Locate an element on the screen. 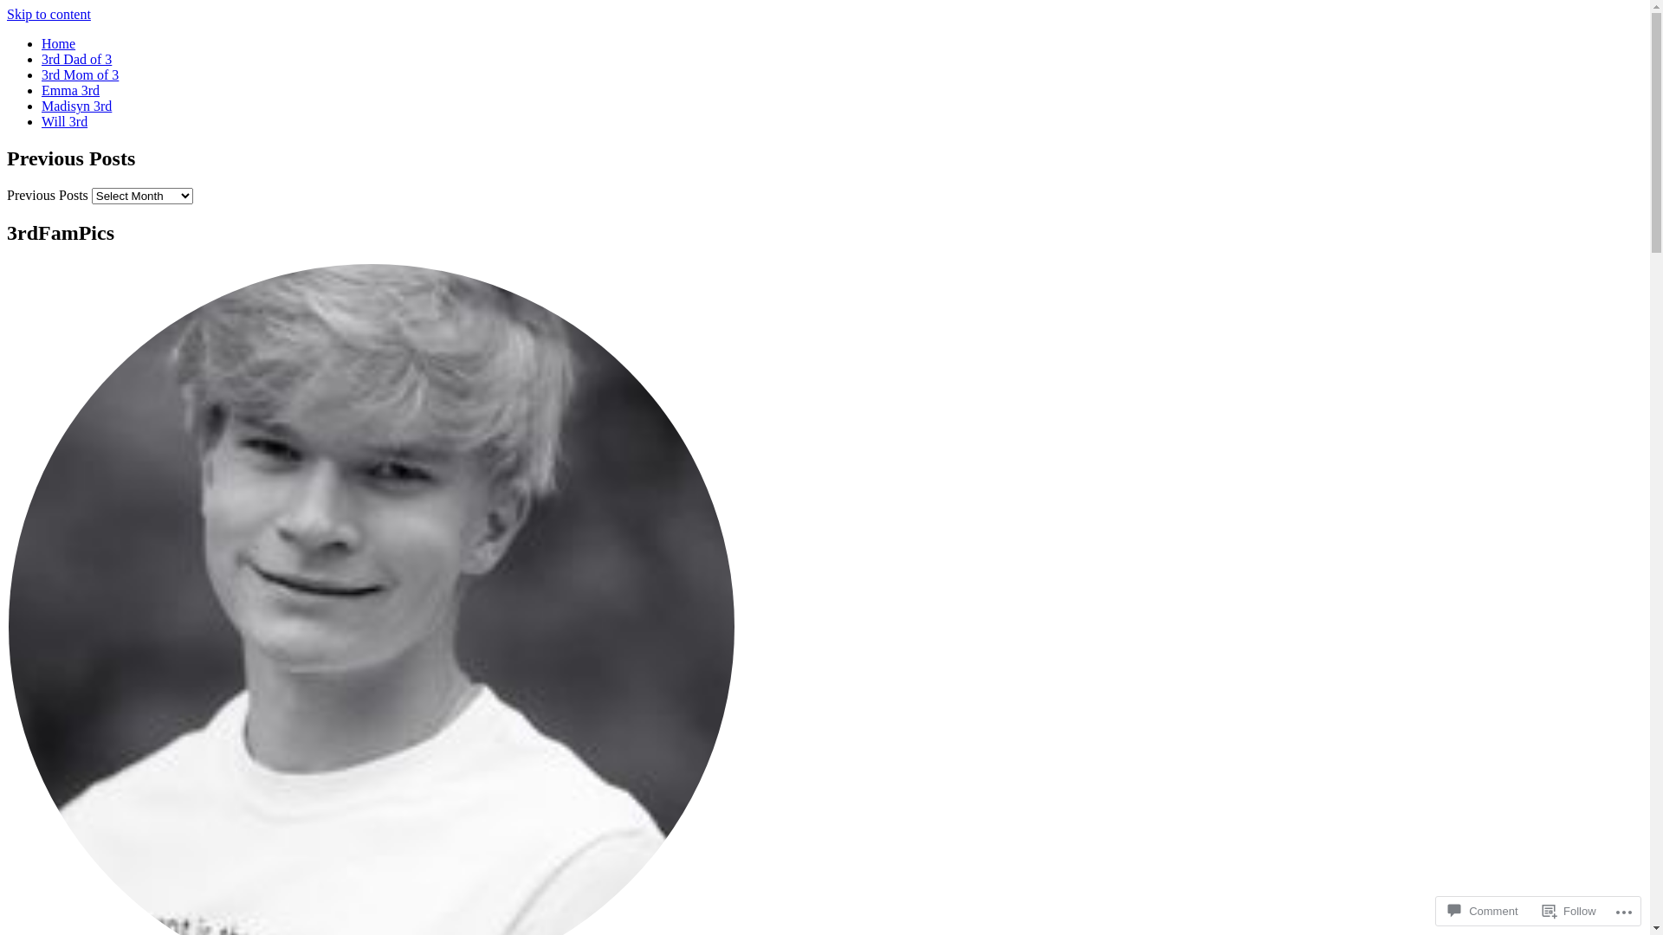  'Home' is located at coordinates (58, 42).